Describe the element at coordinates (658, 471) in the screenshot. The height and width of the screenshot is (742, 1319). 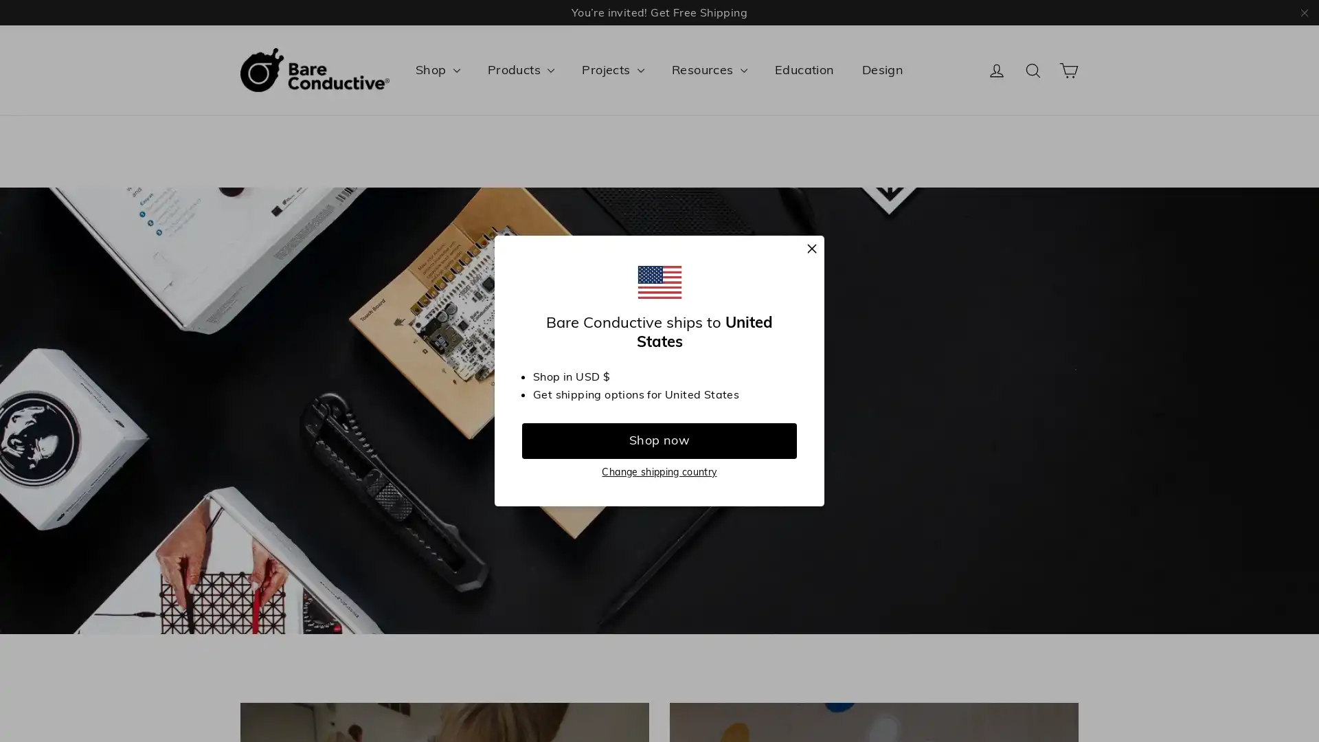
I see `Change shipping country` at that location.